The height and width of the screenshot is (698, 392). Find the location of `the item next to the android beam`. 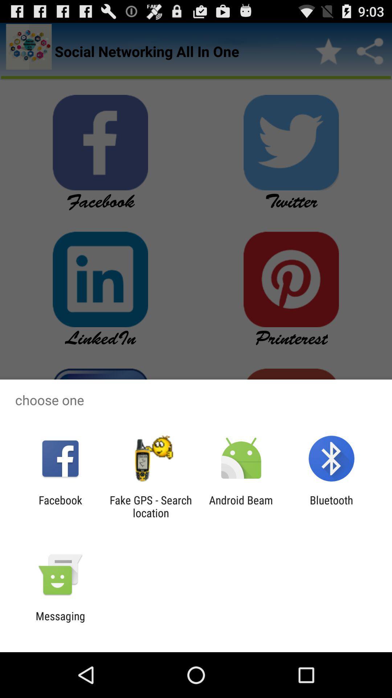

the item next to the android beam is located at coordinates (150, 506).